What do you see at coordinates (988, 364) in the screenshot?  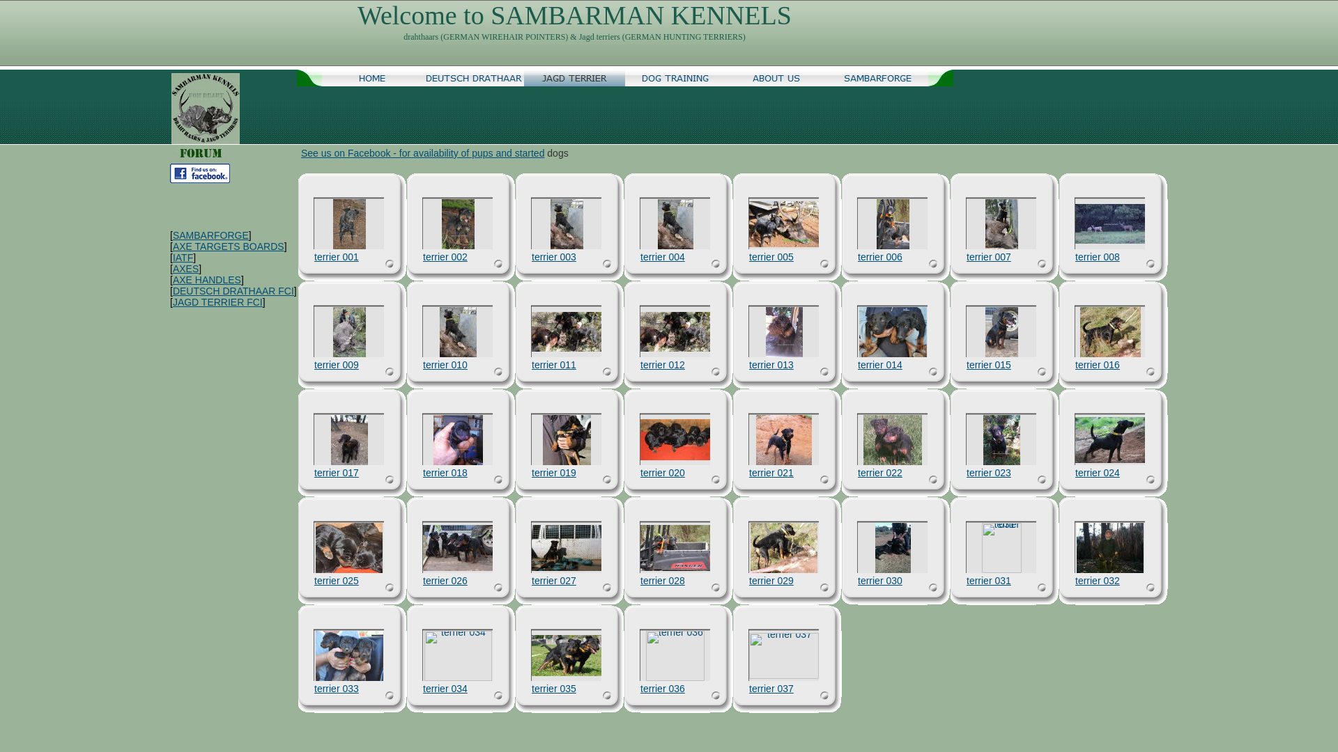 I see `'terrier 015'` at bounding box center [988, 364].